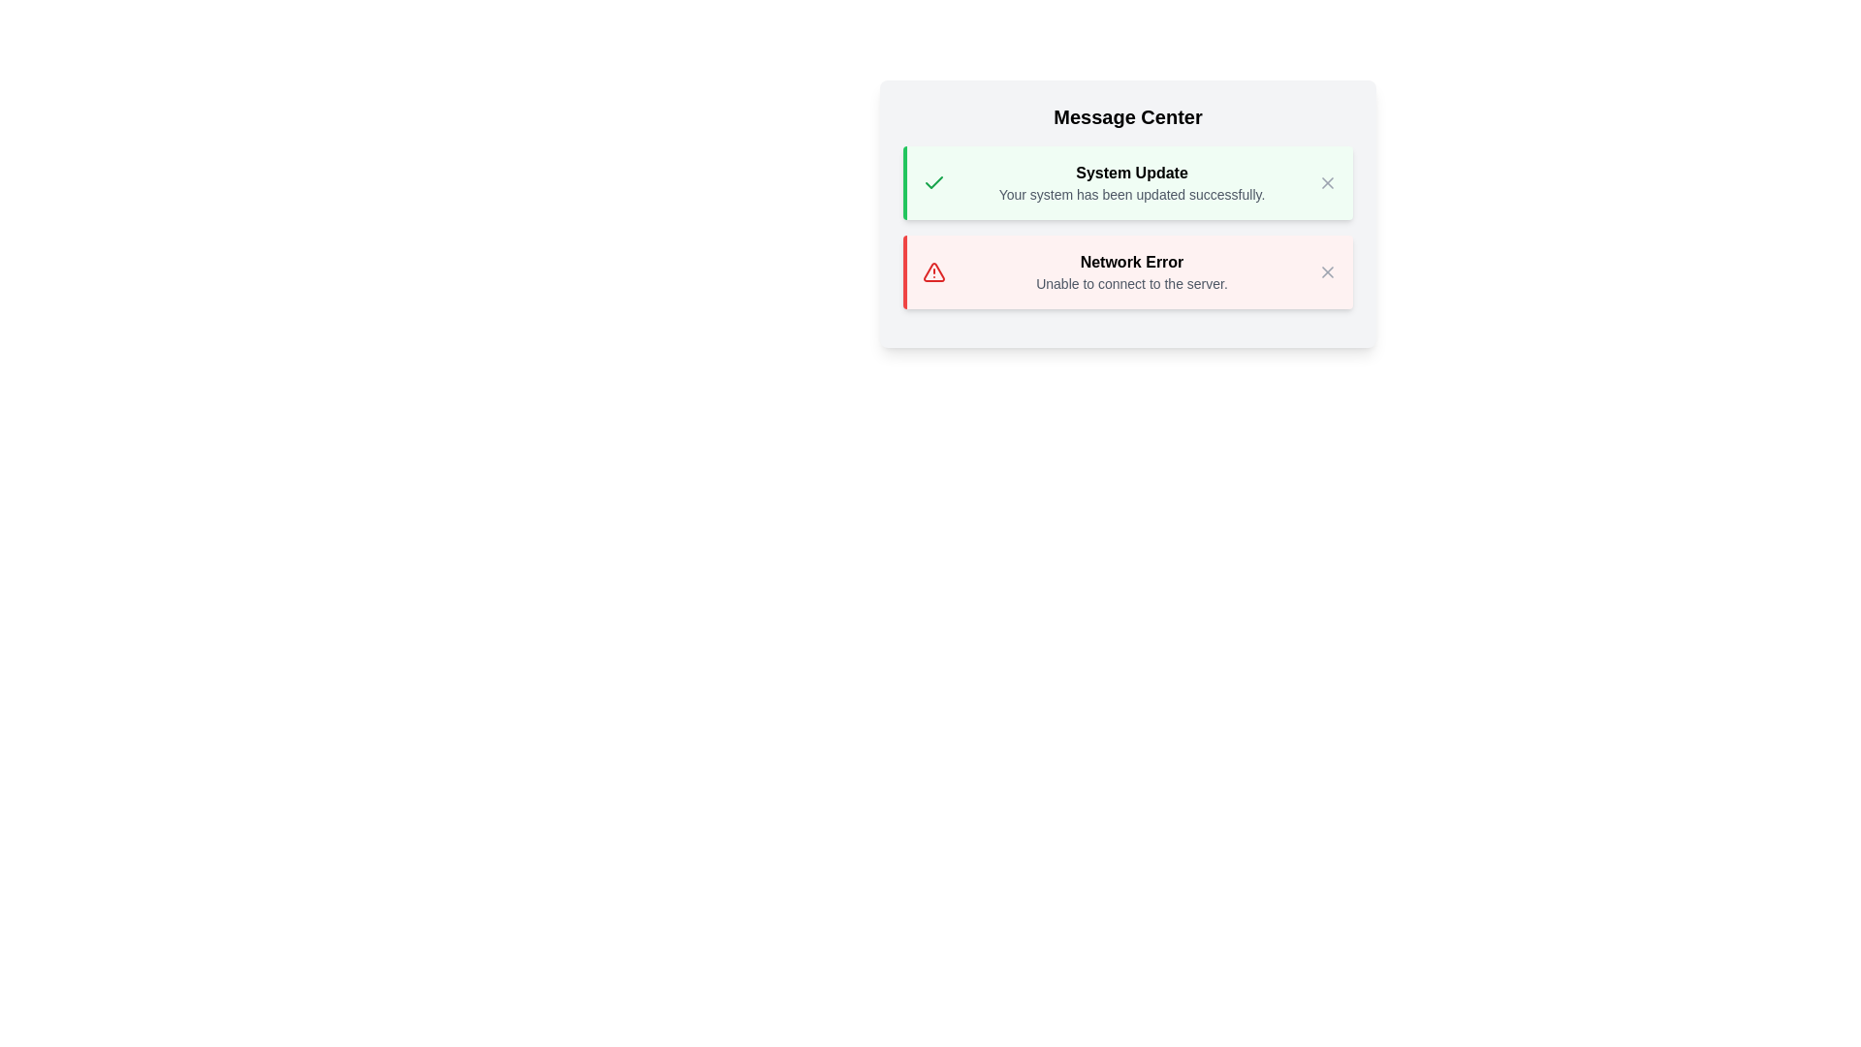 The height and width of the screenshot is (1047, 1861). What do you see at coordinates (1127, 272) in the screenshot?
I see `error message from the Alert Notification Box with a red-themed design, which displays 'Network Error' and 'Unable to connect to the server.'` at bounding box center [1127, 272].